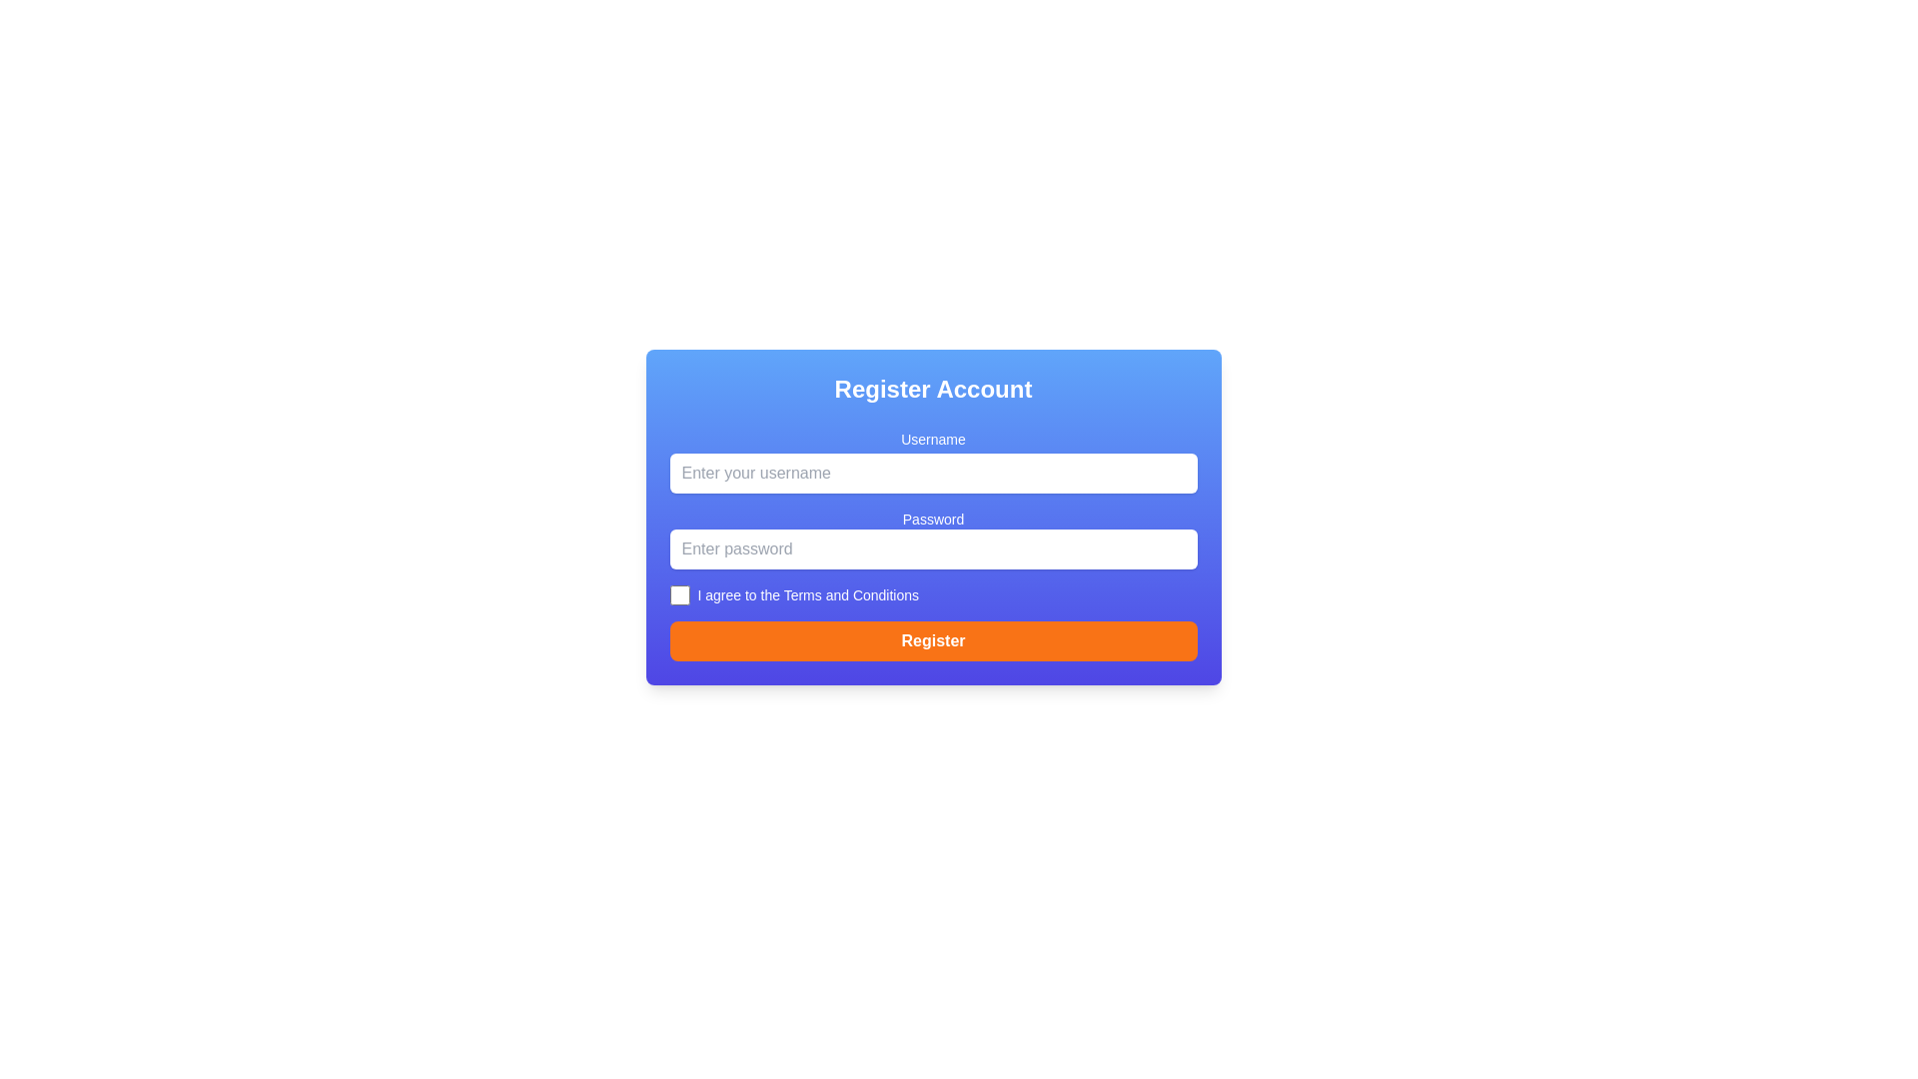  What do you see at coordinates (932, 594) in the screenshot?
I see `the checkbox located beneath the password field and above the registration button` at bounding box center [932, 594].